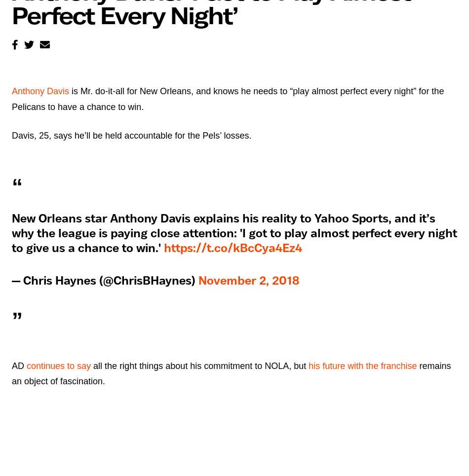 The width and height of the screenshot is (469, 476). What do you see at coordinates (248, 281) in the screenshot?
I see `'November 2, 2018'` at bounding box center [248, 281].